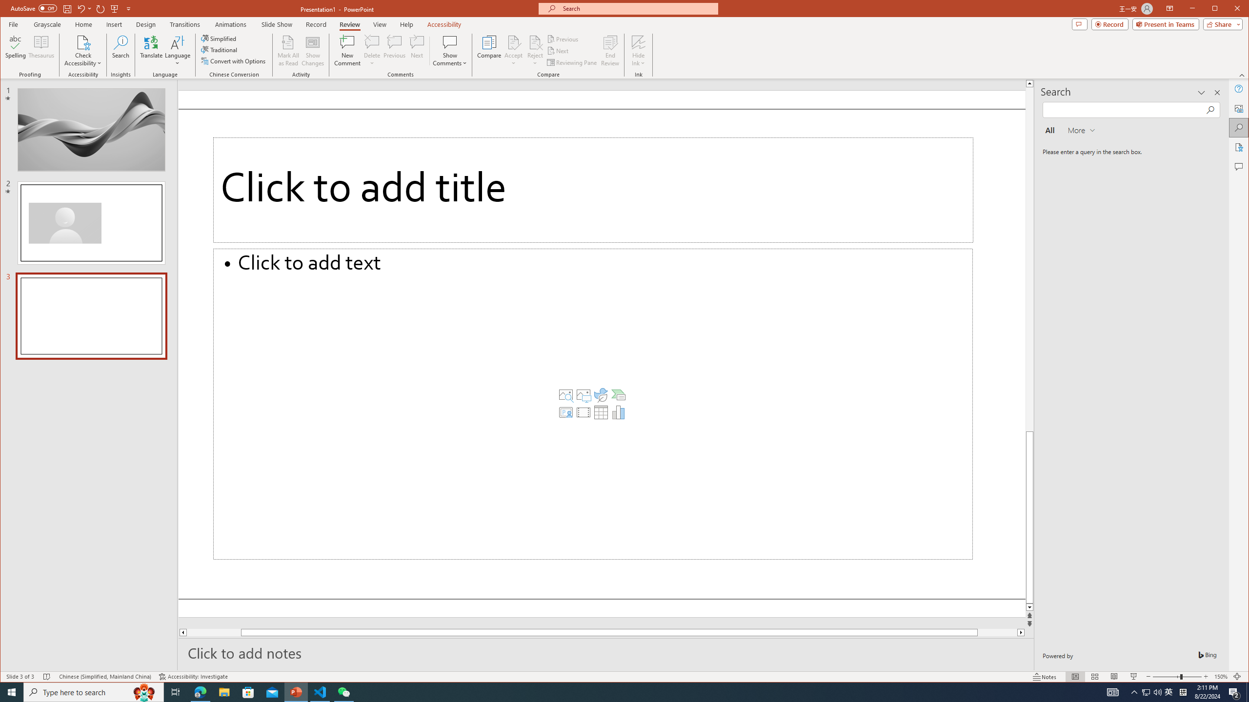 This screenshot has height=702, width=1249. I want to click on 'Content Placeholder', so click(593, 403).